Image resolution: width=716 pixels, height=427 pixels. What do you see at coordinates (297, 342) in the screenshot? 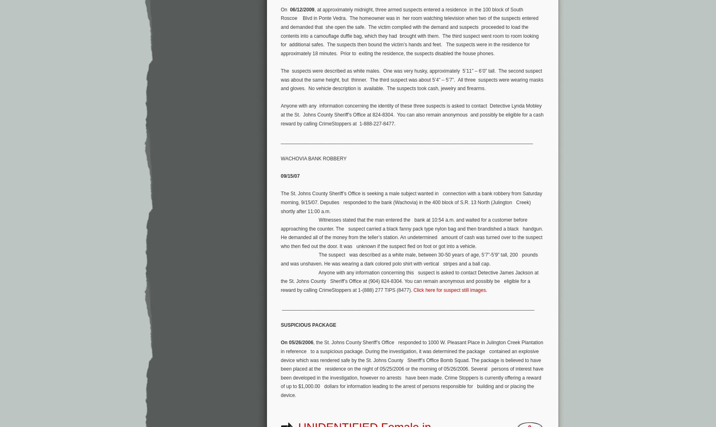
I see `'On 05/26/2006'` at bounding box center [297, 342].